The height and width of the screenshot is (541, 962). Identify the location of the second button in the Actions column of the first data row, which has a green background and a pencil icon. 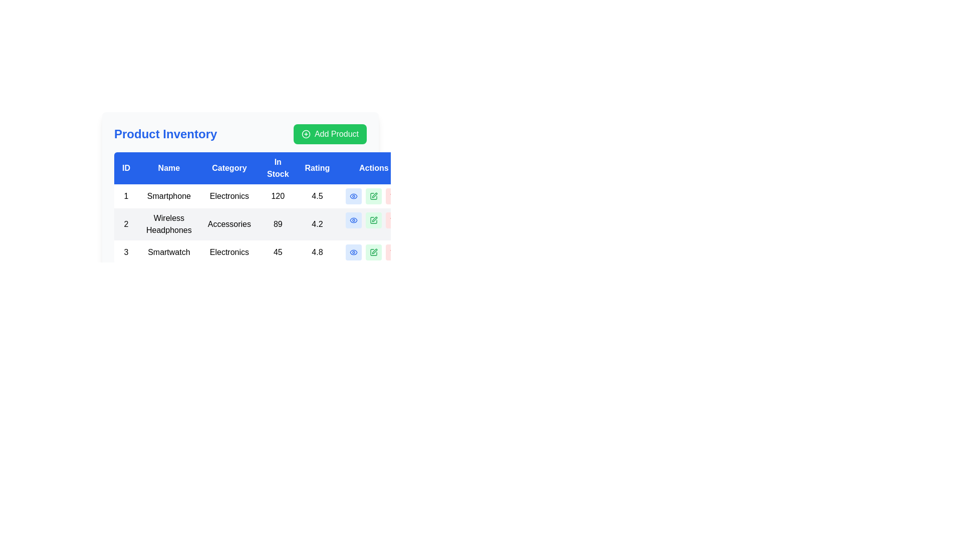
(373, 196).